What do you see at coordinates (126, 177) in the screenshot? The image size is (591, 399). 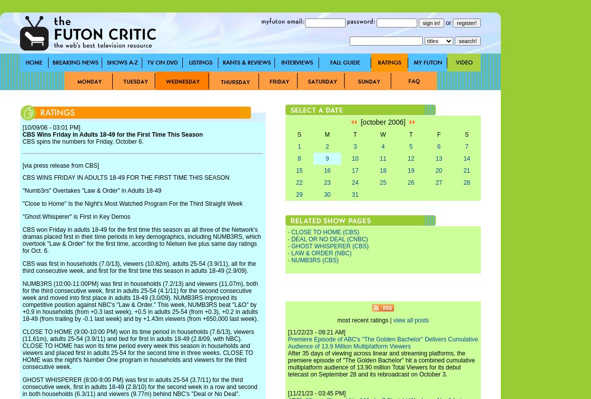 I see `'CBS WINS FRIDAY IN ADULTS 18-49 FOR THE FIRST TIME THIS SEASON'` at bounding box center [126, 177].